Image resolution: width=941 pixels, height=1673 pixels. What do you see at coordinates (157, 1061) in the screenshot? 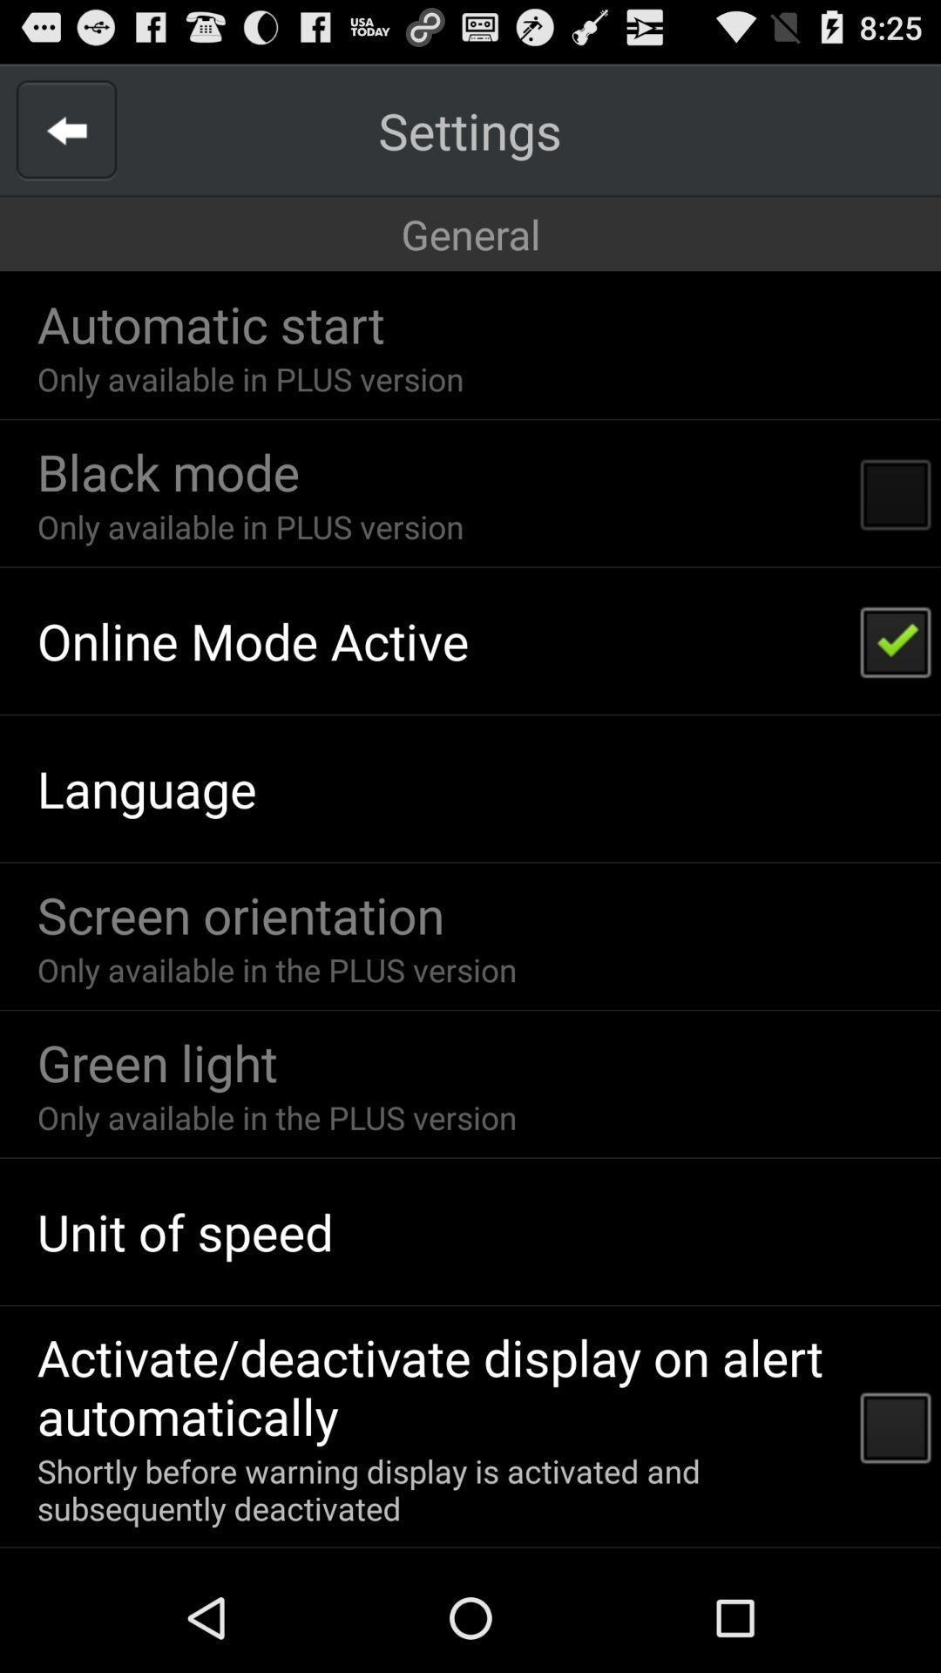
I see `the green light app` at bounding box center [157, 1061].